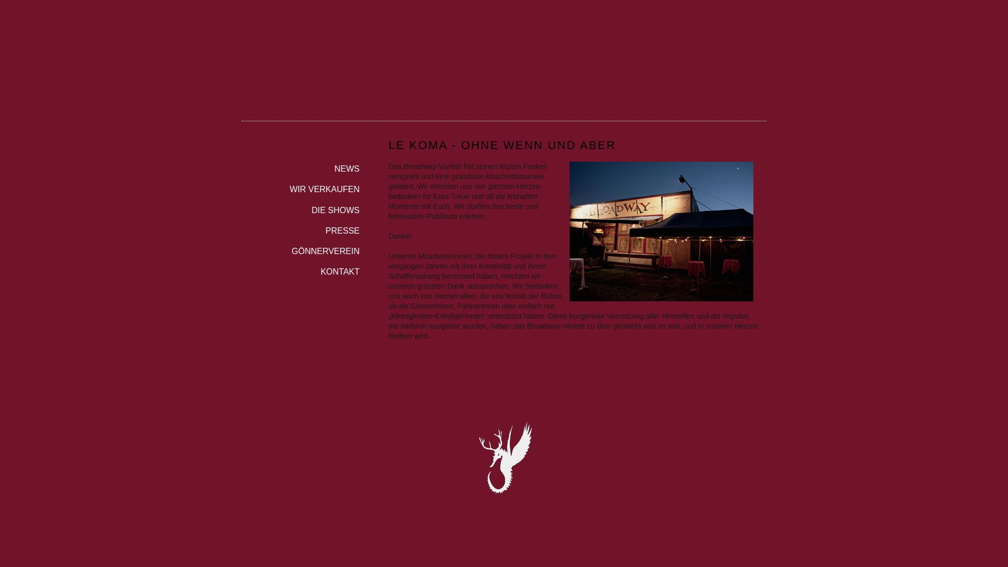 The height and width of the screenshot is (567, 1008). I want to click on 'DIE SHOWS', so click(300, 207).